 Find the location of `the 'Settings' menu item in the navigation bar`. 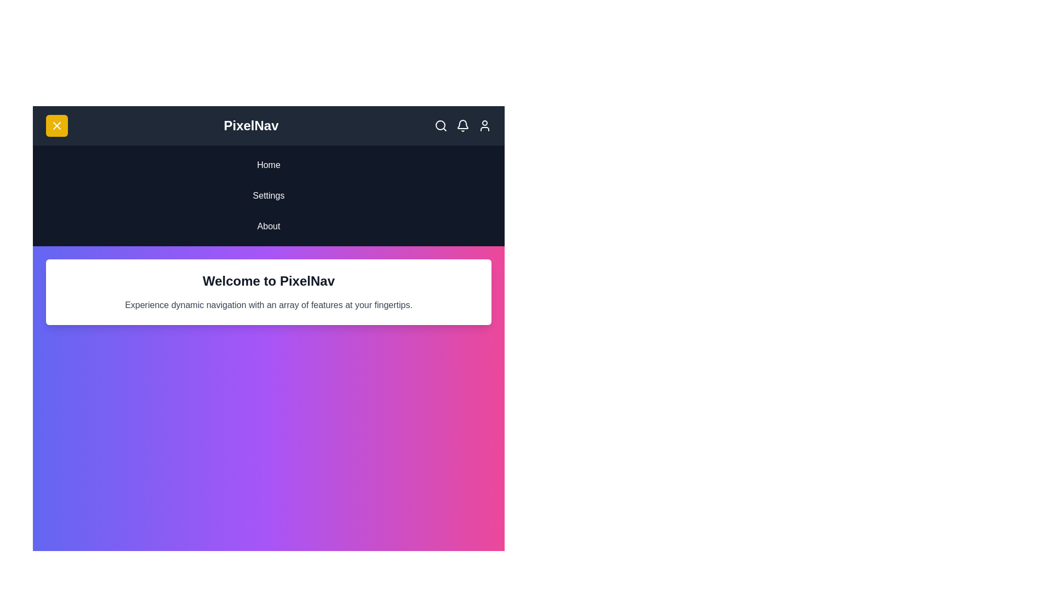

the 'Settings' menu item in the navigation bar is located at coordinates (268, 195).